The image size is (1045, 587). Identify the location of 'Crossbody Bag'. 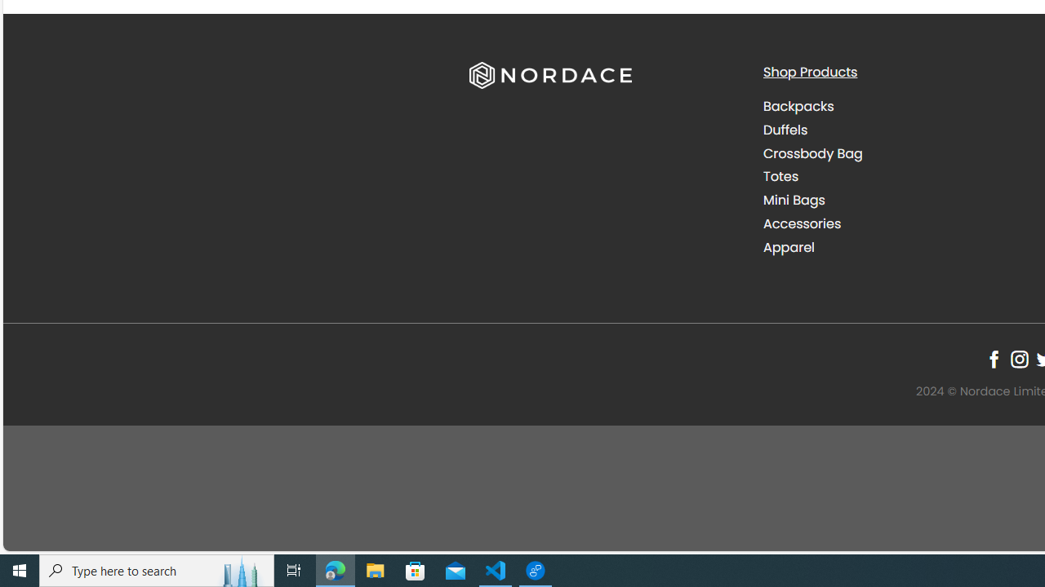
(896, 153).